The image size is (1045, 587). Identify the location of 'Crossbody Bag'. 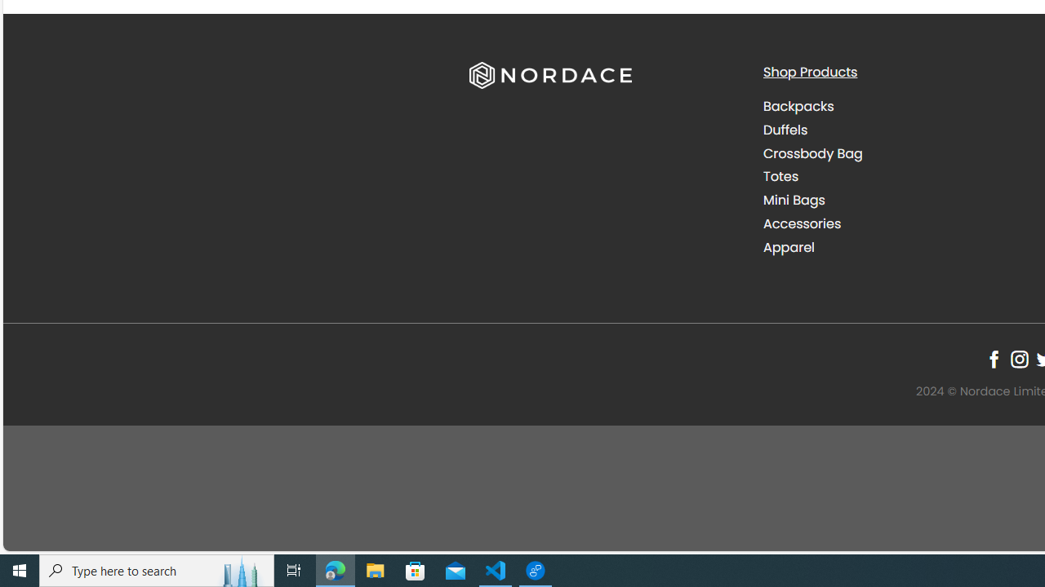
(896, 153).